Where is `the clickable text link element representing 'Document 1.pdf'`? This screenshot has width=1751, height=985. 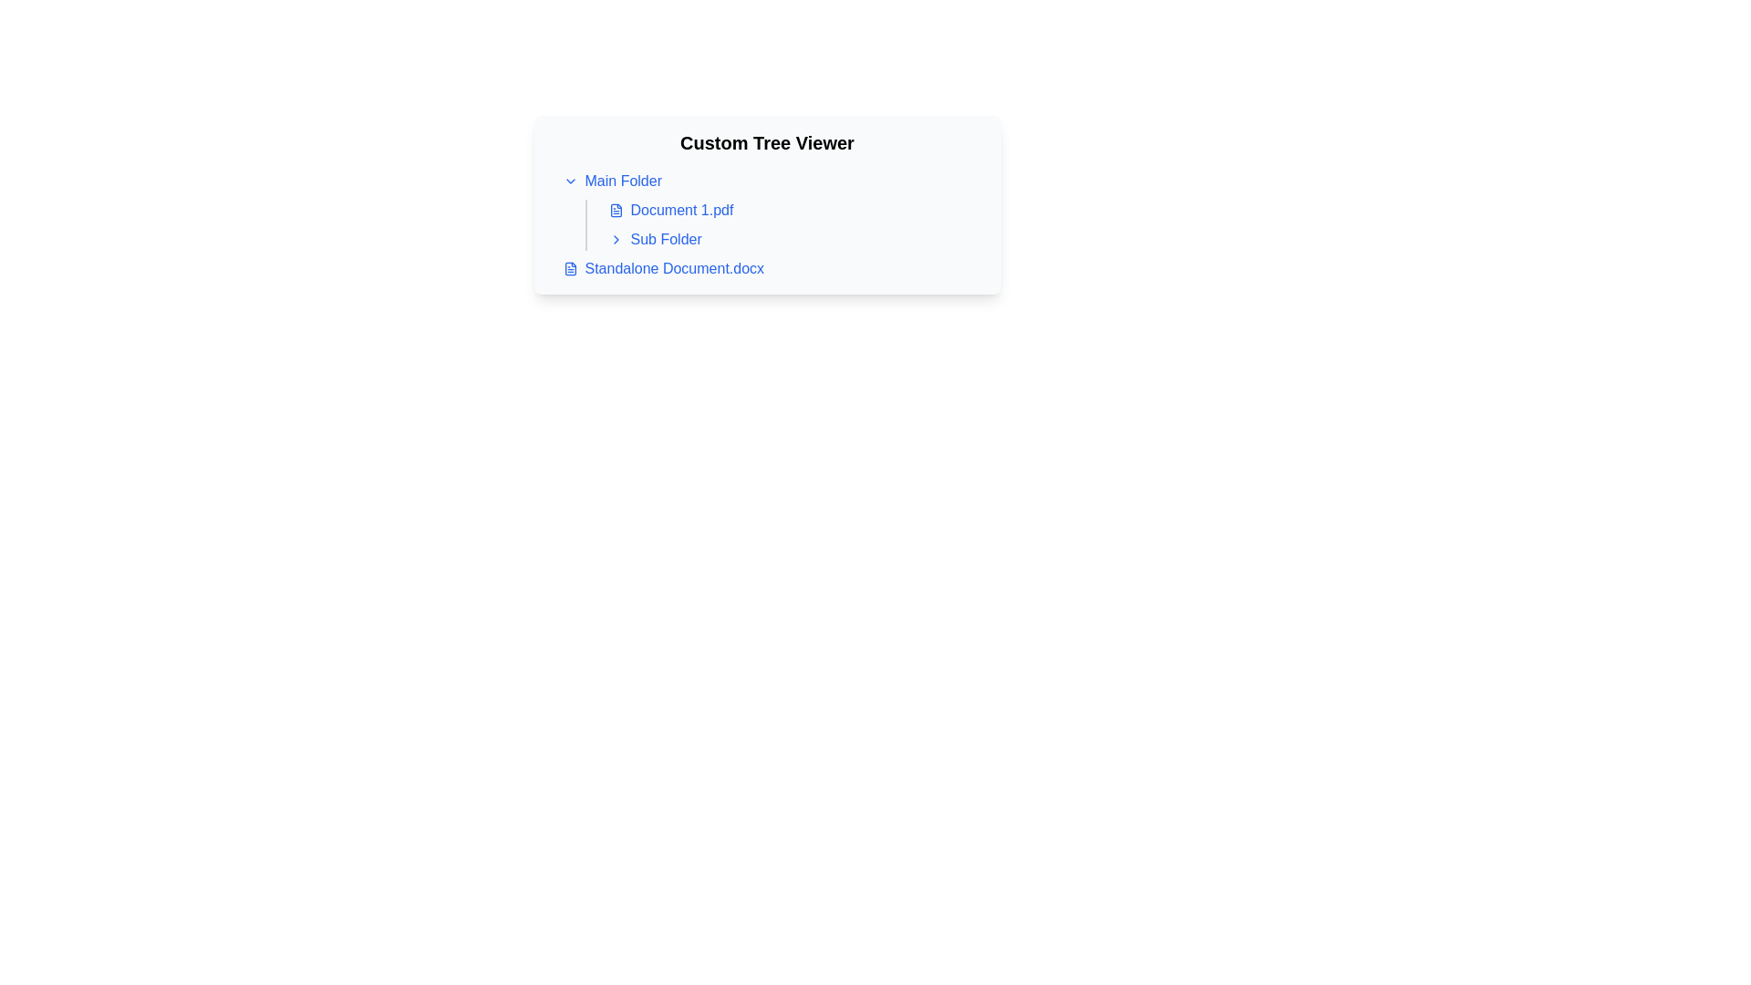 the clickable text link element representing 'Document 1.pdf' is located at coordinates (681, 210).